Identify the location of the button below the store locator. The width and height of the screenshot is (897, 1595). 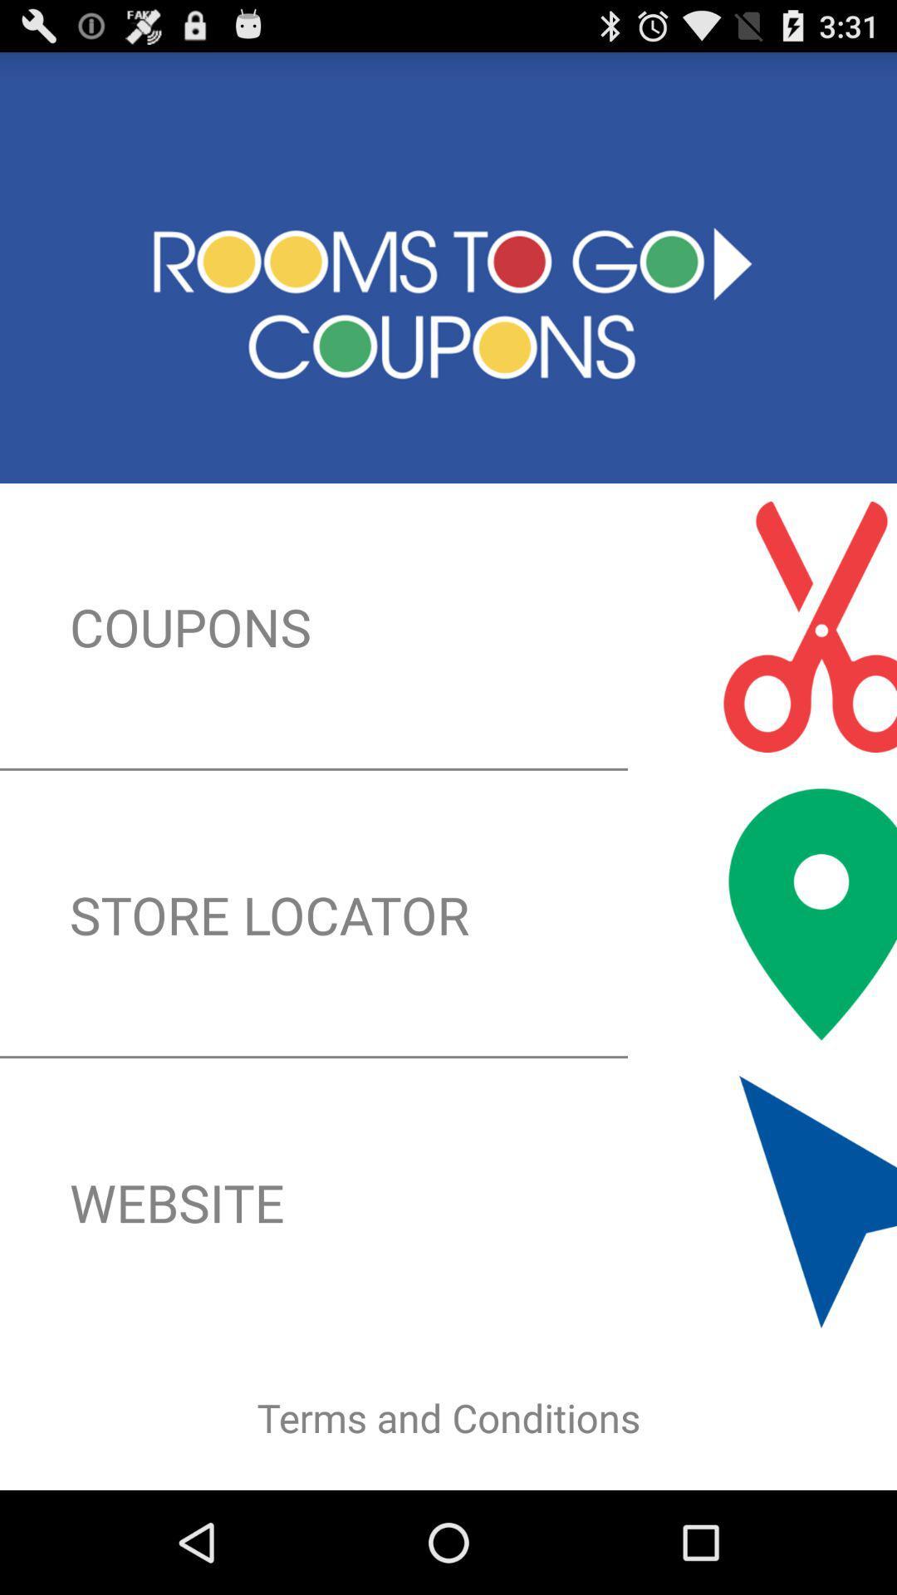
(448, 1202).